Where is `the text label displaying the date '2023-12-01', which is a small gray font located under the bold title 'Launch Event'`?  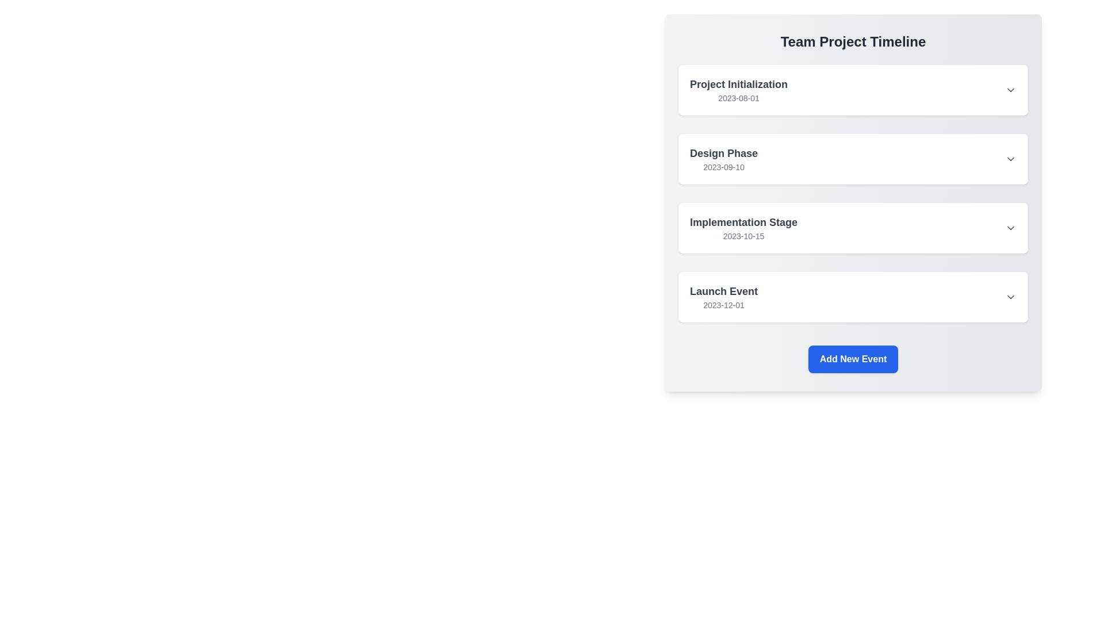 the text label displaying the date '2023-12-01', which is a small gray font located under the bold title 'Launch Event' is located at coordinates (723, 305).